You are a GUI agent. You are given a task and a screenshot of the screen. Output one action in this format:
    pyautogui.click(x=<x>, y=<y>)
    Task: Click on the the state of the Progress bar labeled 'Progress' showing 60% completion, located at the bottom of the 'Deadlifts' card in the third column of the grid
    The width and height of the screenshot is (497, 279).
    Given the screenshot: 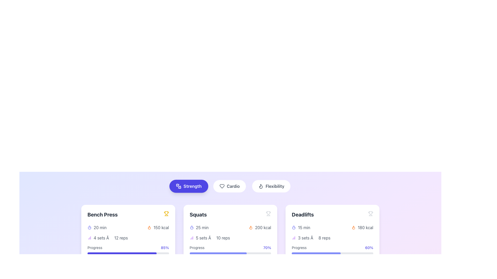 What is the action you would take?
    pyautogui.click(x=332, y=250)
    